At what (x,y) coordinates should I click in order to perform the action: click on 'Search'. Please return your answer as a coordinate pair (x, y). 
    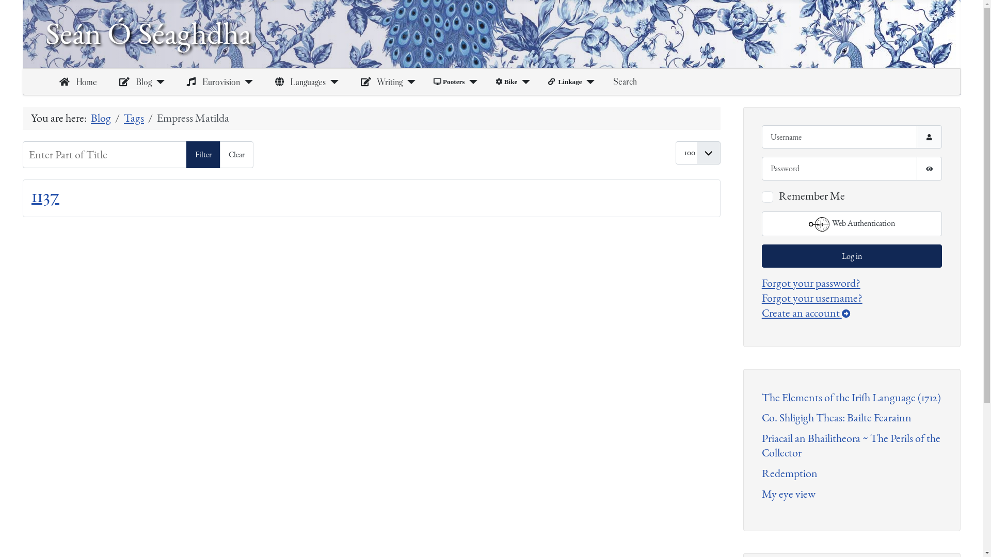
    Looking at the image, I should click on (624, 81).